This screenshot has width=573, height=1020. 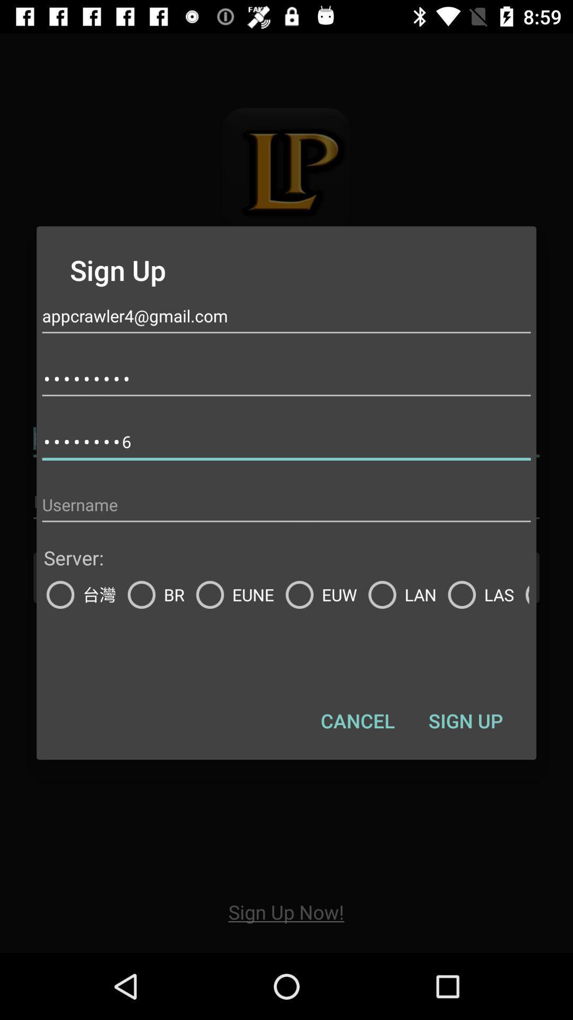 What do you see at coordinates (286, 504) in the screenshot?
I see `type username` at bounding box center [286, 504].